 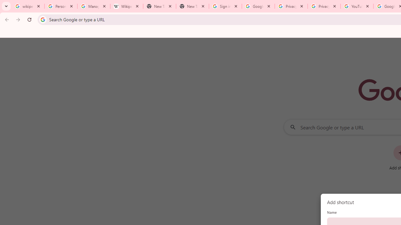 I want to click on 'Manage your Location History - Google Search Help', so click(x=93, y=6).